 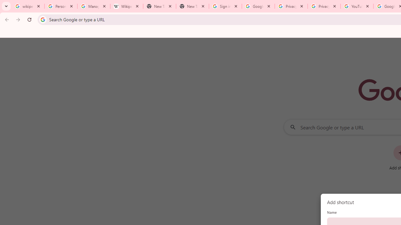 I want to click on 'Manage your Location History - Google Search Help', so click(x=93, y=6).